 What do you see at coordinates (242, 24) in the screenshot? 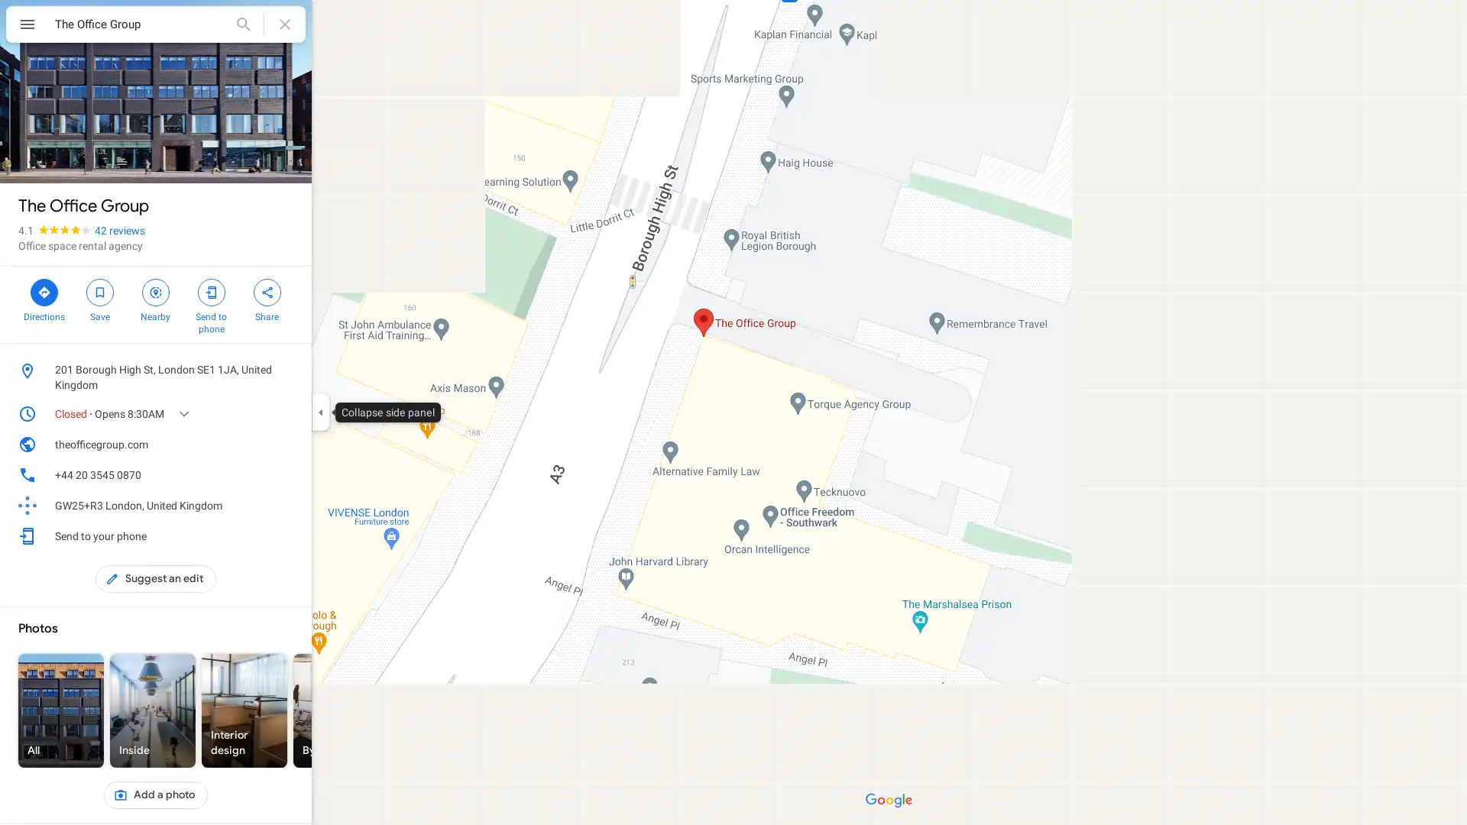
I see `Search` at bounding box center [242, 24].